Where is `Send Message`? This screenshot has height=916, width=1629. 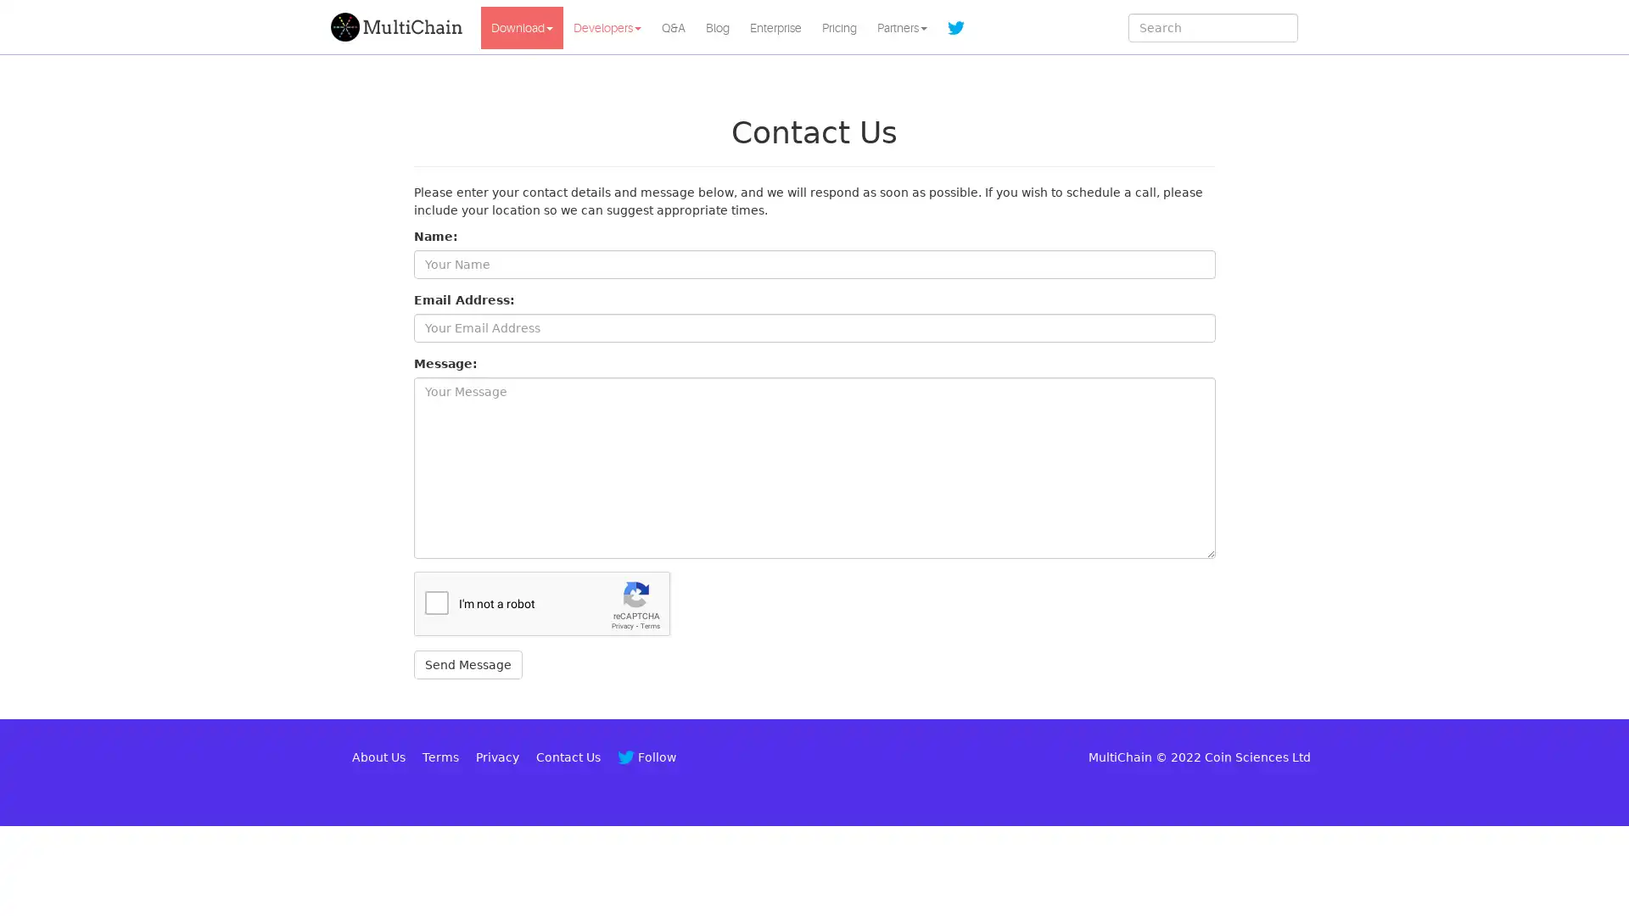
Send Message is located at coordinates (467, 663).